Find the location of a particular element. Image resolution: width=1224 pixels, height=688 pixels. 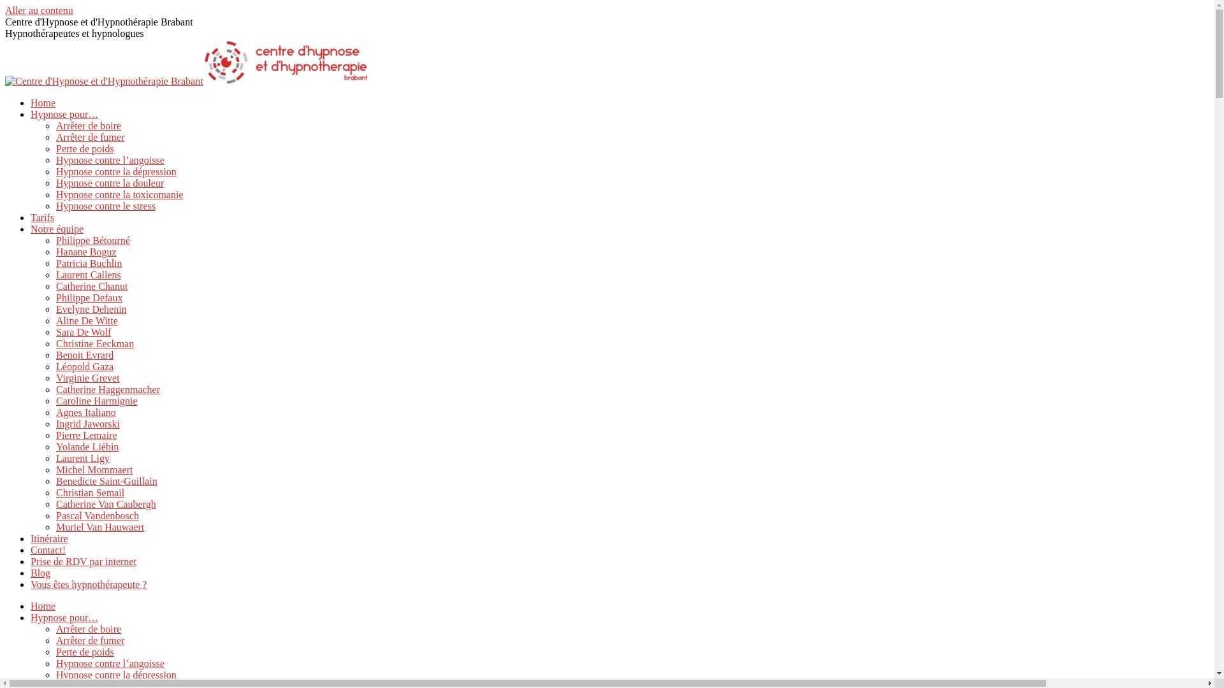

'Hypnose contre la toxicomanie' is located at coordinates (119, 194).